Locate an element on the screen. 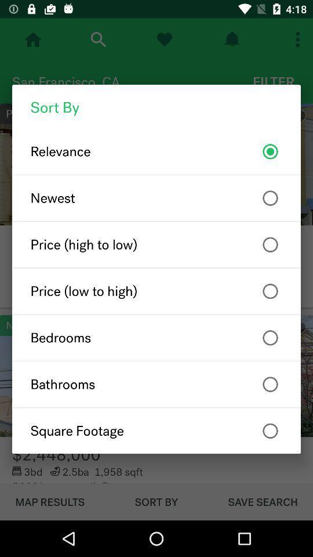 The height and width of the screenshot is (557, 313). the icon below bedrooms item is located at coordinates (156, 384).